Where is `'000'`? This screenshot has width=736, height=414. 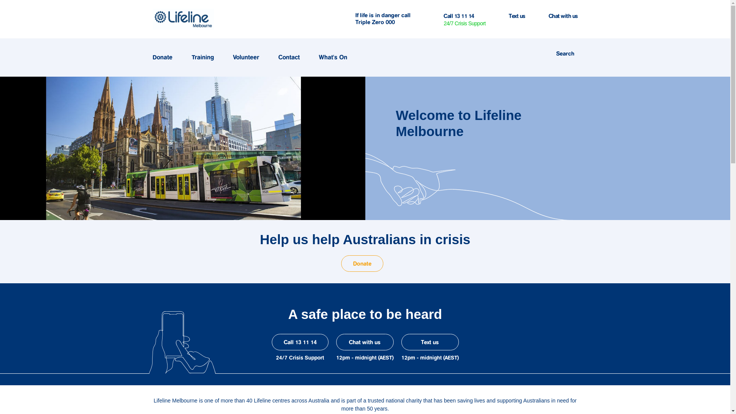 '000' is located at coordinates (390, 22).